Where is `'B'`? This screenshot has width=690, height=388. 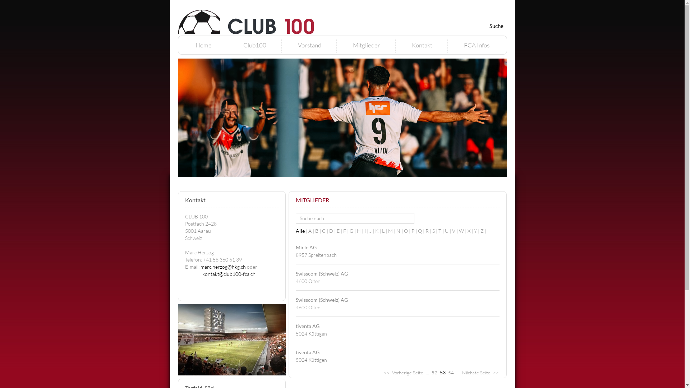 'B' is located at coordinates (318, 231).